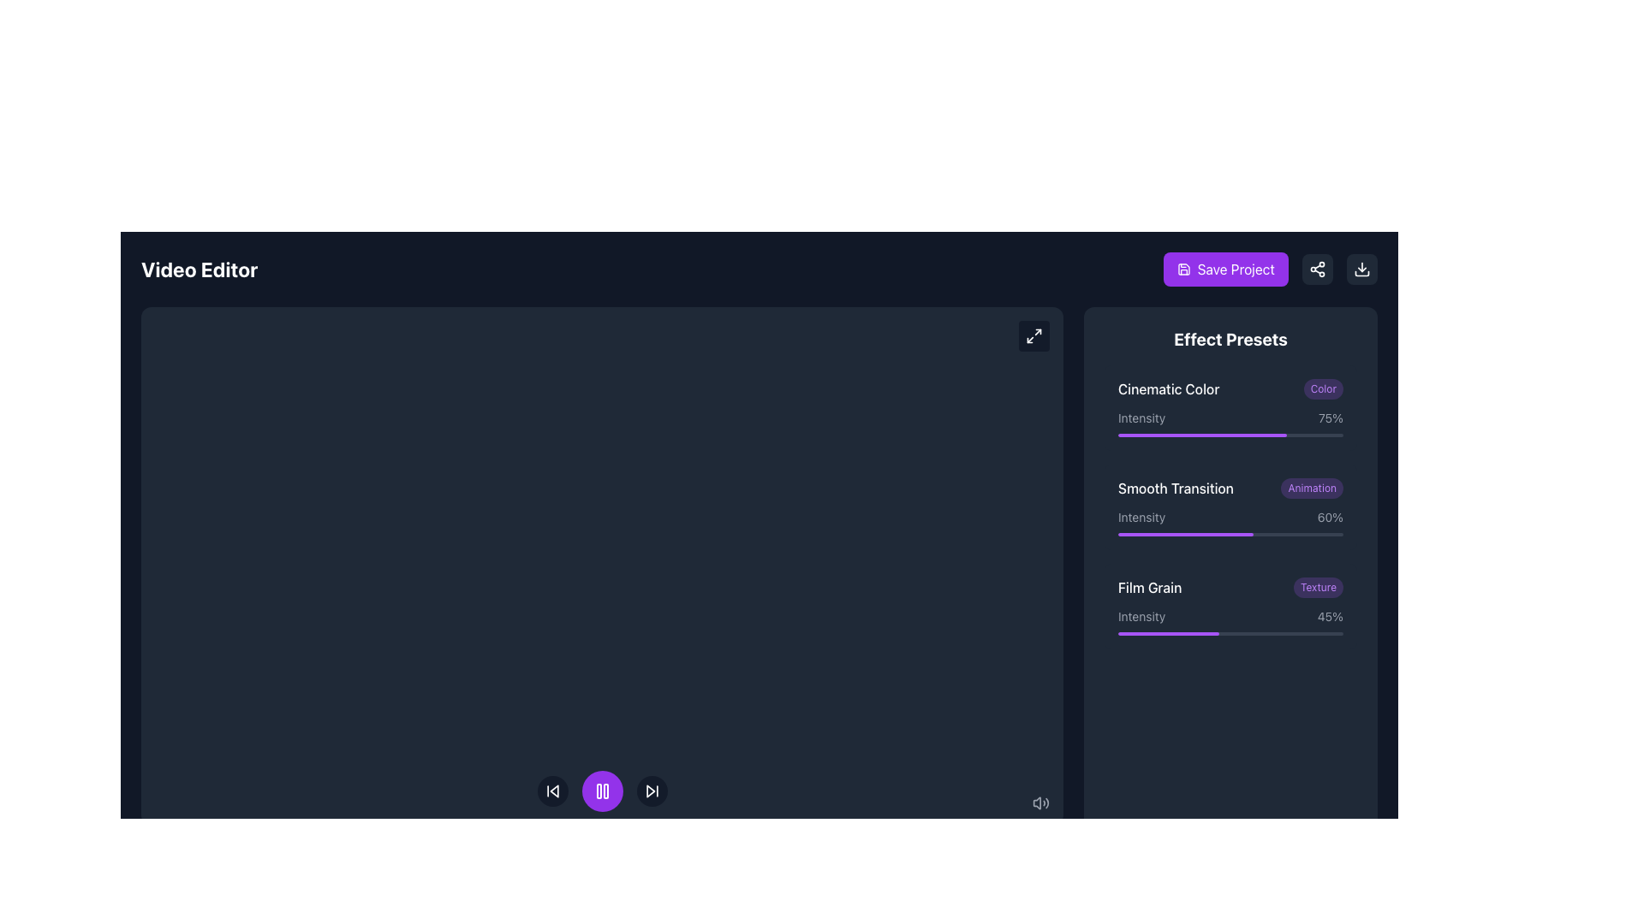 The height and width of the screenshot is (924, 1644). Describe the element at coordinates (1230, 633) in the screenshot. I see `Progress bar indicating the intensity level (45%) of the 'Film Grain' effect, located in the bottom part of the 'Film Grain' intensity row within the 'Effect Presets' panel` at that location.